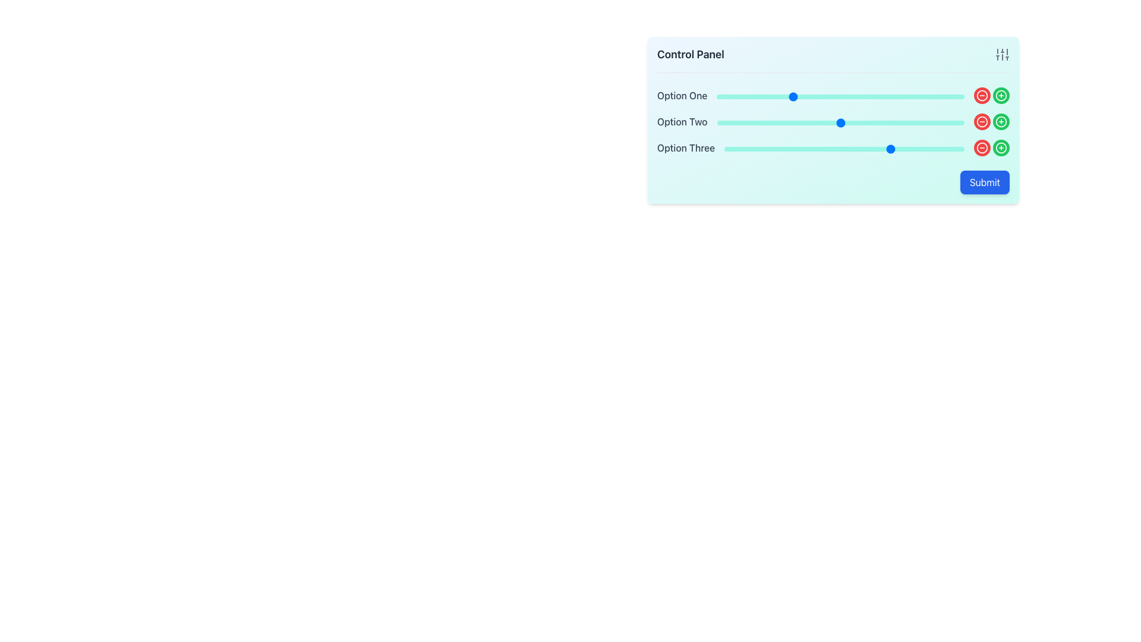 The width and height of the screenshot is (1141, 642). Describe the element at coordinates (791, 123) in the screenshot. I see `the slider` at that location.